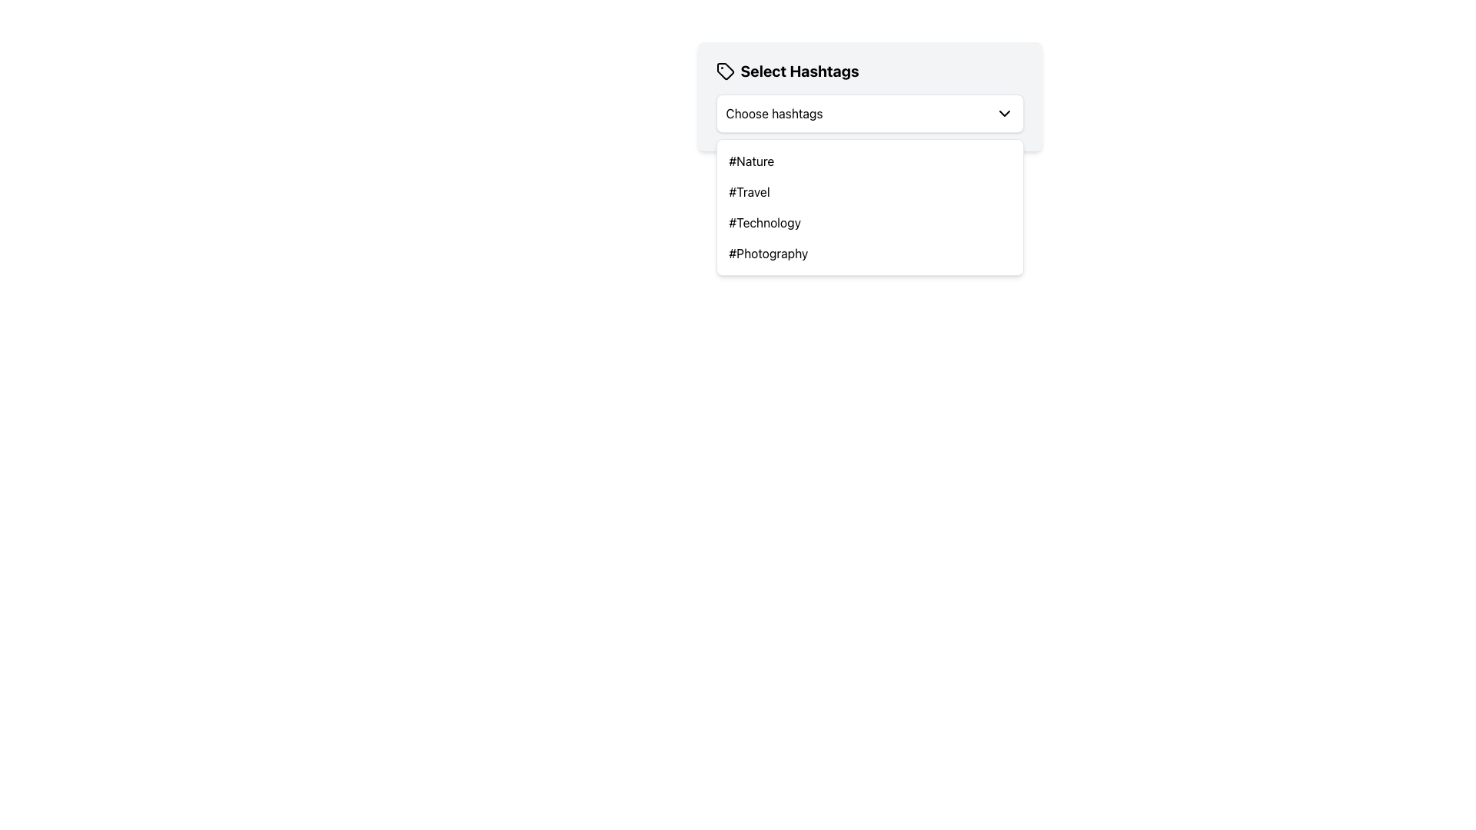 The width and height of the screenshot is (1476, 830). Describe the element at coordinates (1004, 112) in the screenshot. I see `the dropdown icon at the far-right end of the 'Choose hashtags' header to possibly trigger a tooltip` at that location.